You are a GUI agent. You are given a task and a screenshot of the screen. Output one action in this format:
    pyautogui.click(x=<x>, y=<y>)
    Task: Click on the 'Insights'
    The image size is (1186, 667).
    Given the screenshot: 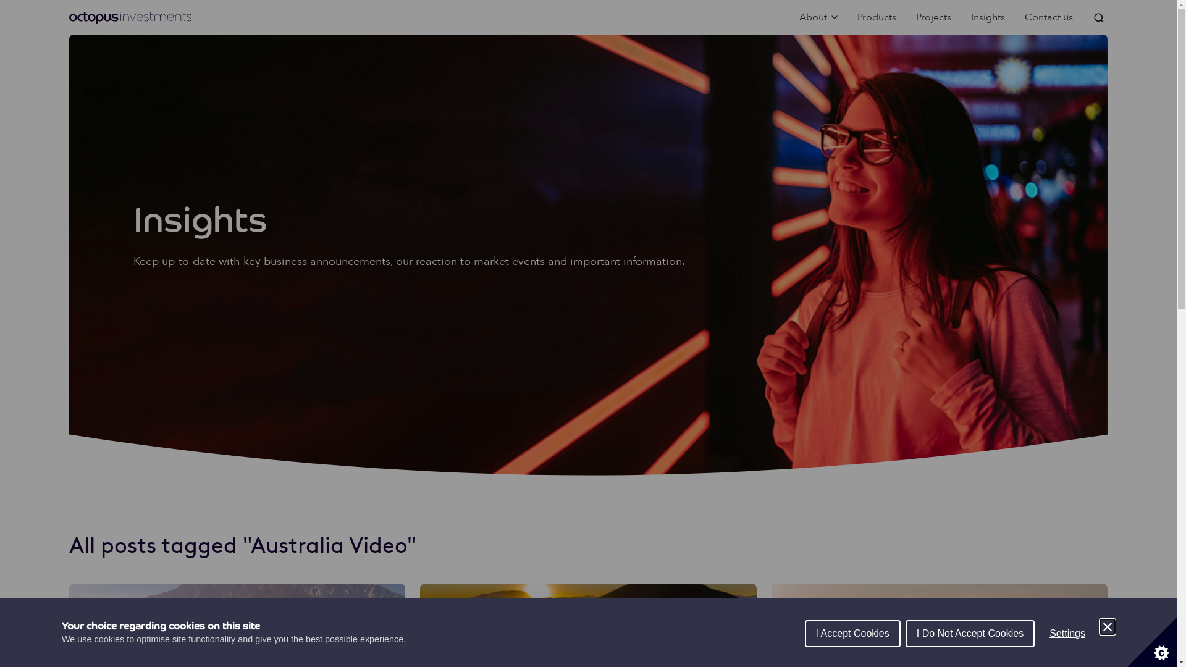 What is the action you would take?
    pyautogui.click(x=987, y=17)
    